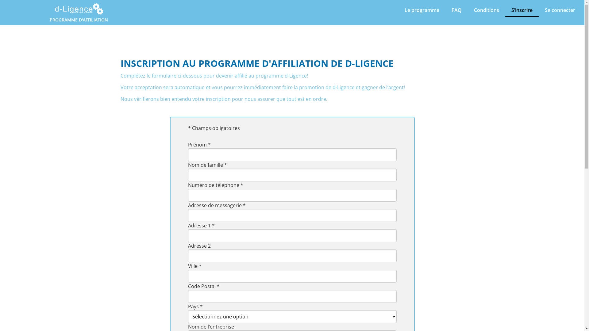  I want to click on 'FAQ', so click(456, 10).